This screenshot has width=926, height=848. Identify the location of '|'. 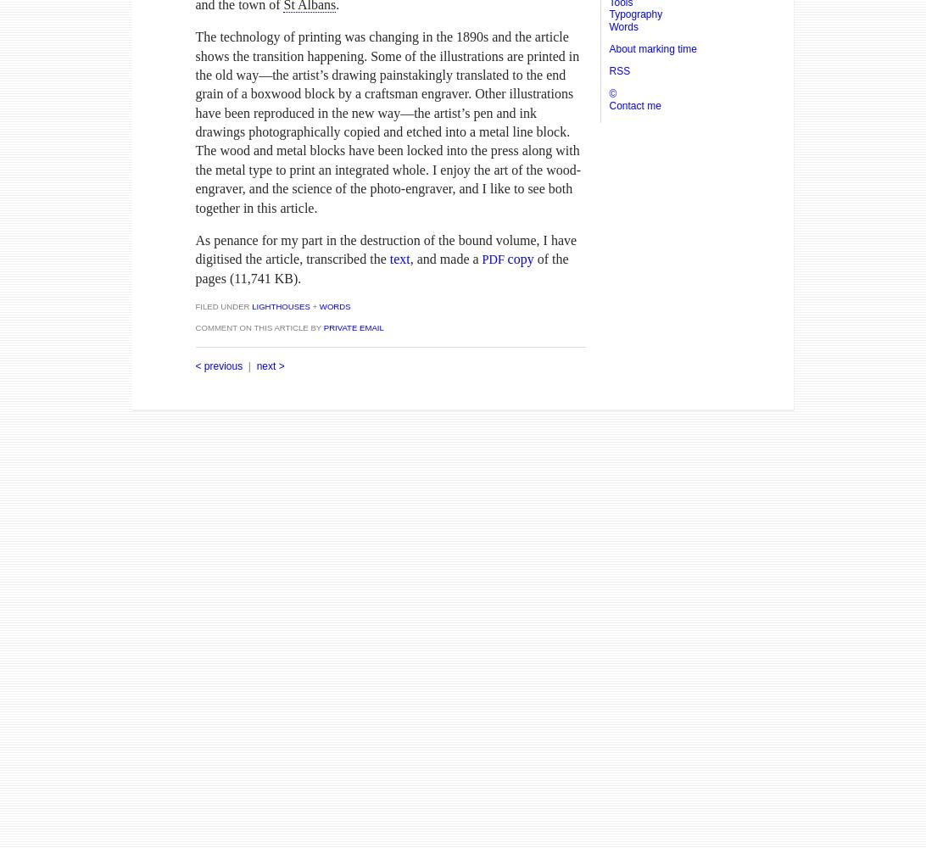
(248, 365).